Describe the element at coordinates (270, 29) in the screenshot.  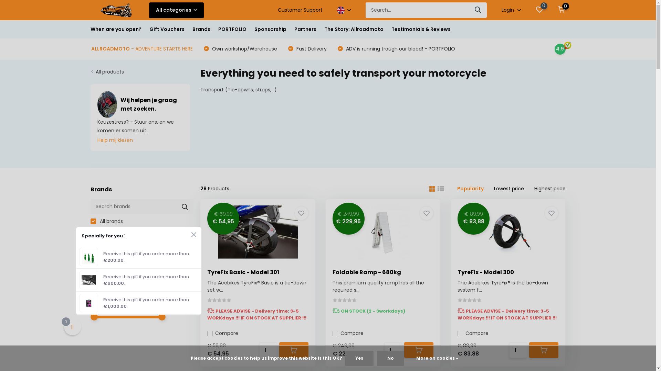
I see `'Sponsorship'` at that location.